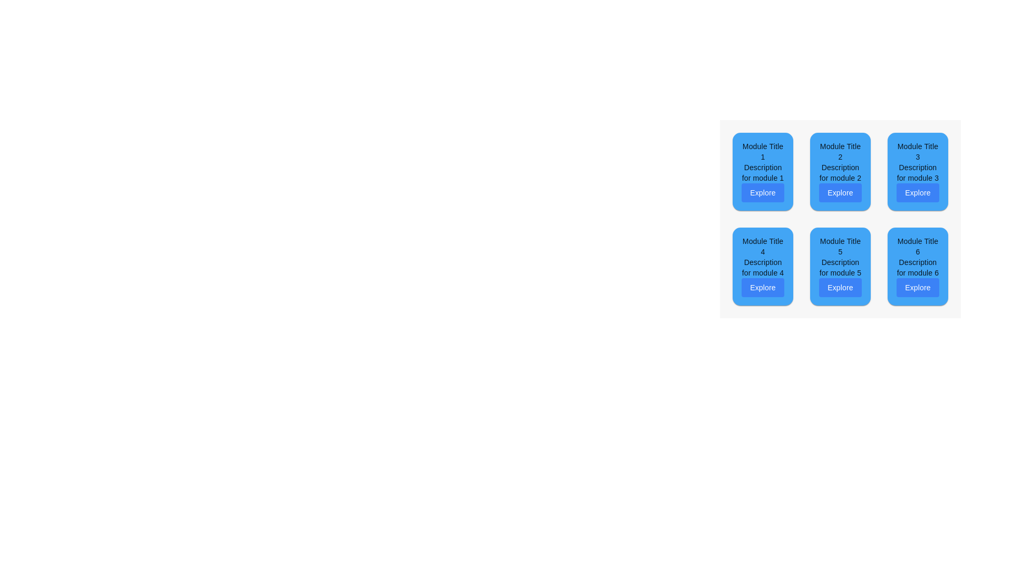  What do you see at coordinates (763, 172) in the screenshot?
I see `the static text content that reads 'Description for module 1', which is centrally aligned on a blue background and positioned below 'Module Title 1' and above the 'Explore' button` at bounding box center [763, 172].